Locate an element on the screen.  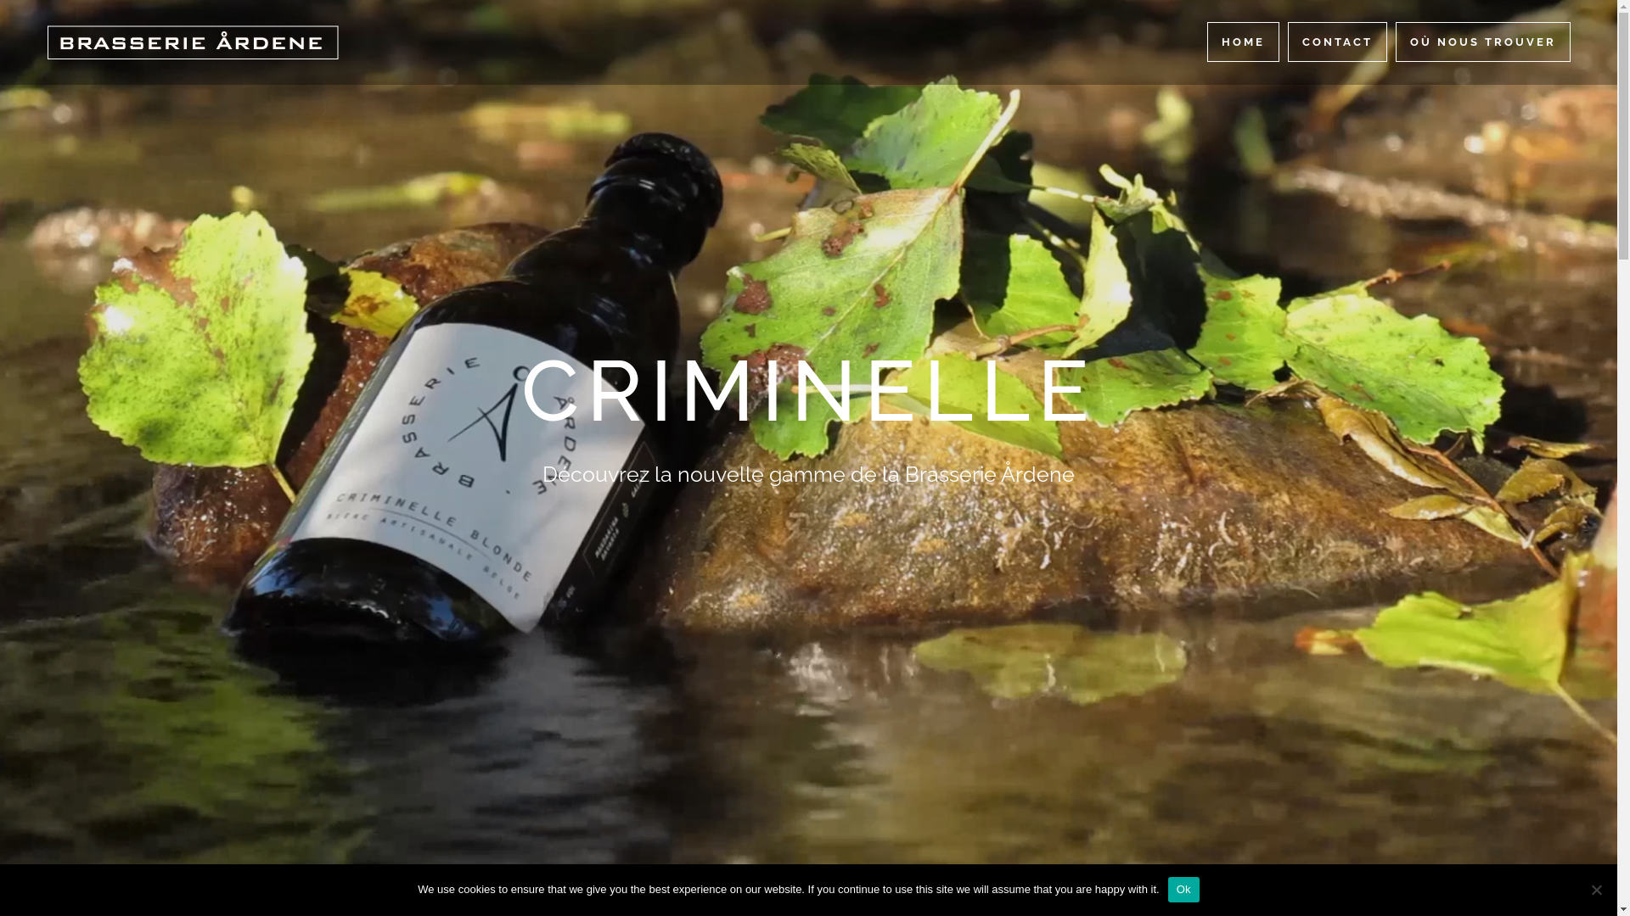
'Ok' is located at coordinates (1183, 889).